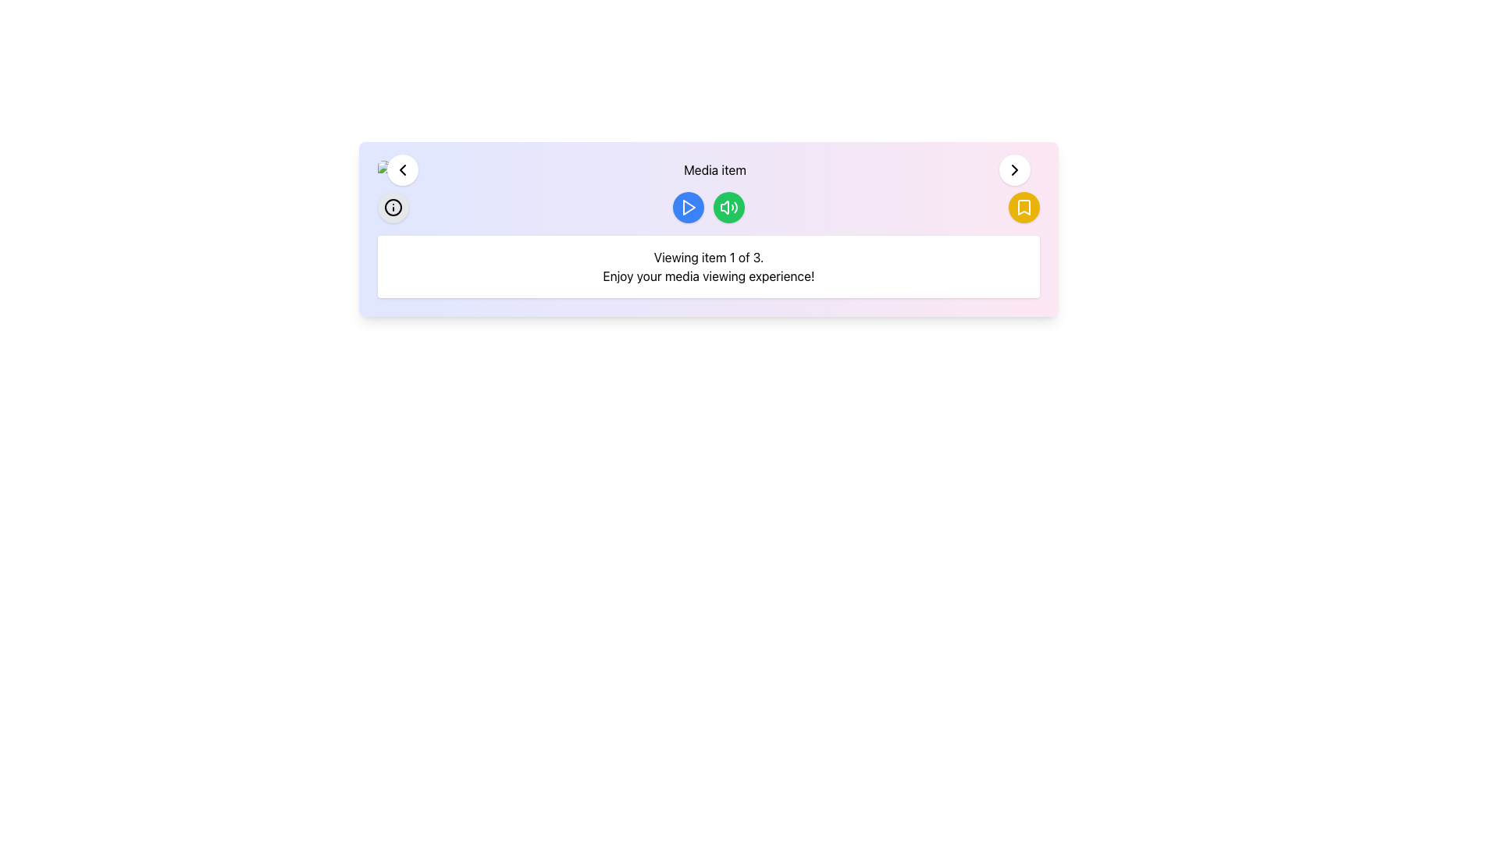 The height and width of the screenshot is (843, 1499). I want to click on the play button icon located near the center of the interface to initiate playback, so click(688, 207).